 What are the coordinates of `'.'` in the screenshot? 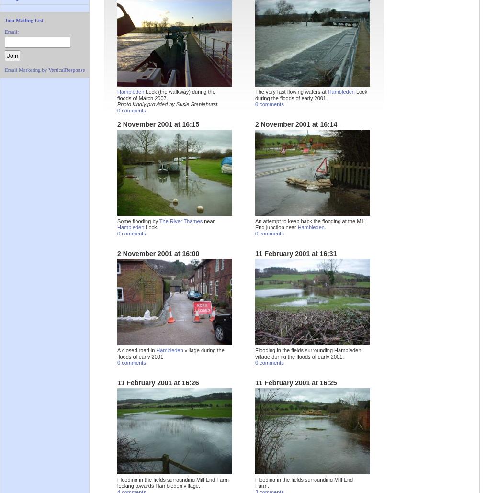 It's located at (325, 227).